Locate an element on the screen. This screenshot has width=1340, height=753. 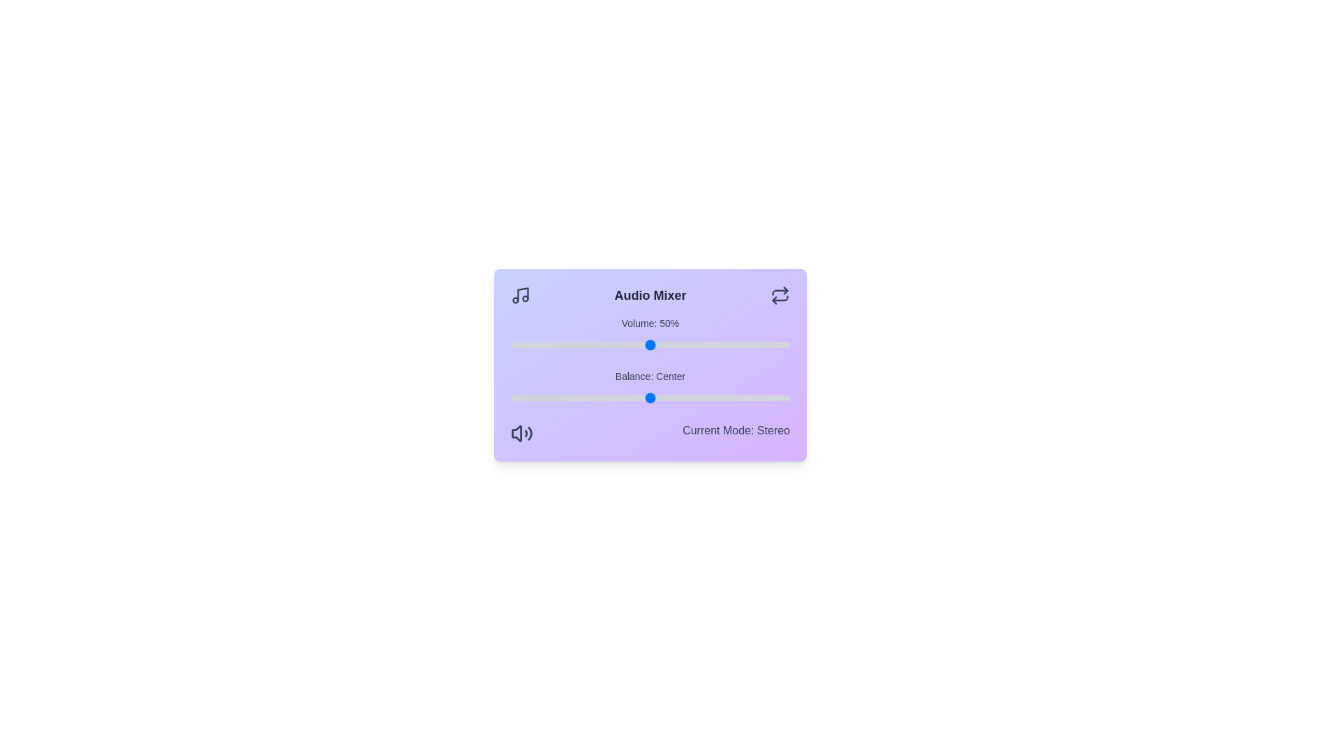
the balance slider to 37 value is located at coordinates (753, 397).